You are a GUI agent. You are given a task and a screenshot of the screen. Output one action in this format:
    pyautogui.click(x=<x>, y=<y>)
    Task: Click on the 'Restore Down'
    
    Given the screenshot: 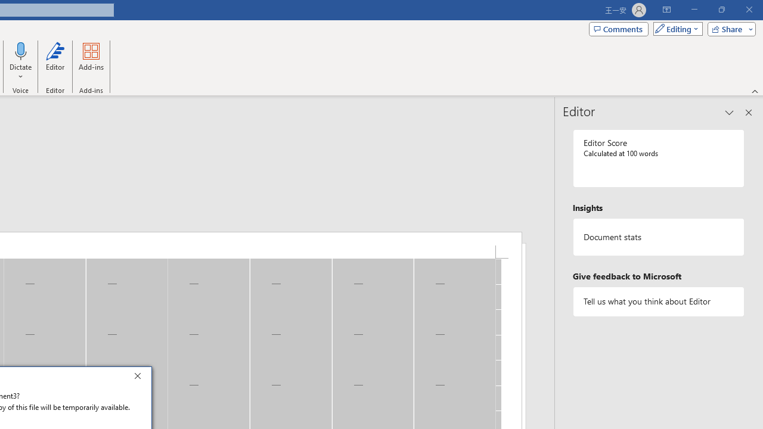 What is the action you would take?
    pyautogui.click(x=721, y=10)
    